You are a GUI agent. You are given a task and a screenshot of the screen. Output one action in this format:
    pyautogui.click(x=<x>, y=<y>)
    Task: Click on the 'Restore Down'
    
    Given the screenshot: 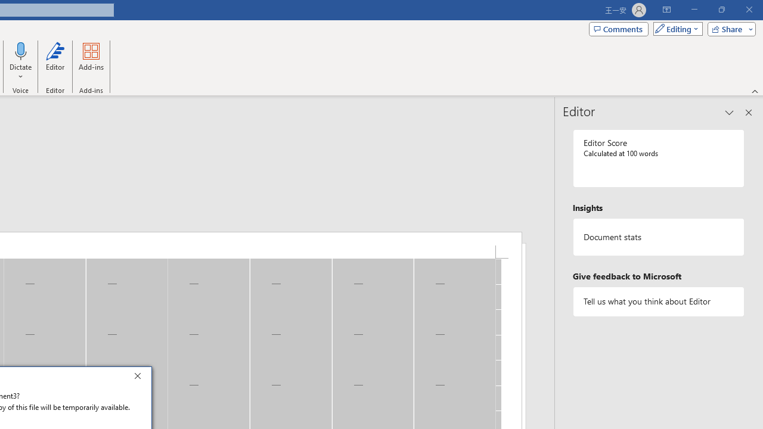 What is the action you would take?
    pyautogui.click(x=721, y=10)
    